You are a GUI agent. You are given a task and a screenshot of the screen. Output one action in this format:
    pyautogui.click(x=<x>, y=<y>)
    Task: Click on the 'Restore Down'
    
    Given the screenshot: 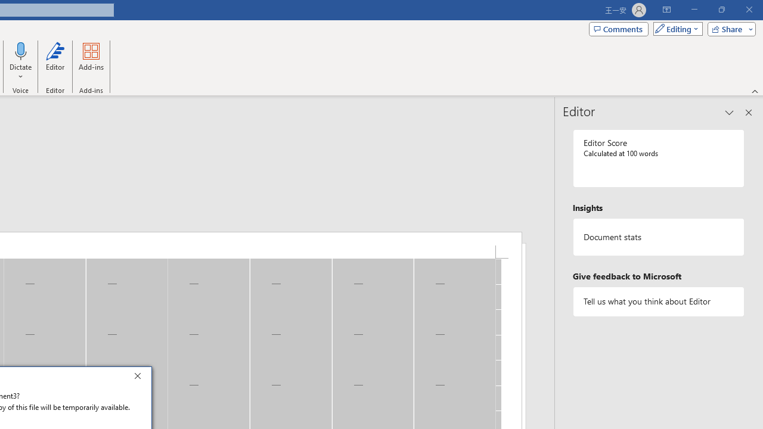 What is the action you would take?
    pyautogui.click(x=721, y=10)
    